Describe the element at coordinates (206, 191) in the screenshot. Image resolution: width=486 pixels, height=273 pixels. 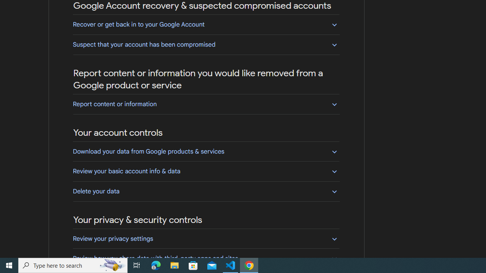
I see `'Delete your data'` at that location.